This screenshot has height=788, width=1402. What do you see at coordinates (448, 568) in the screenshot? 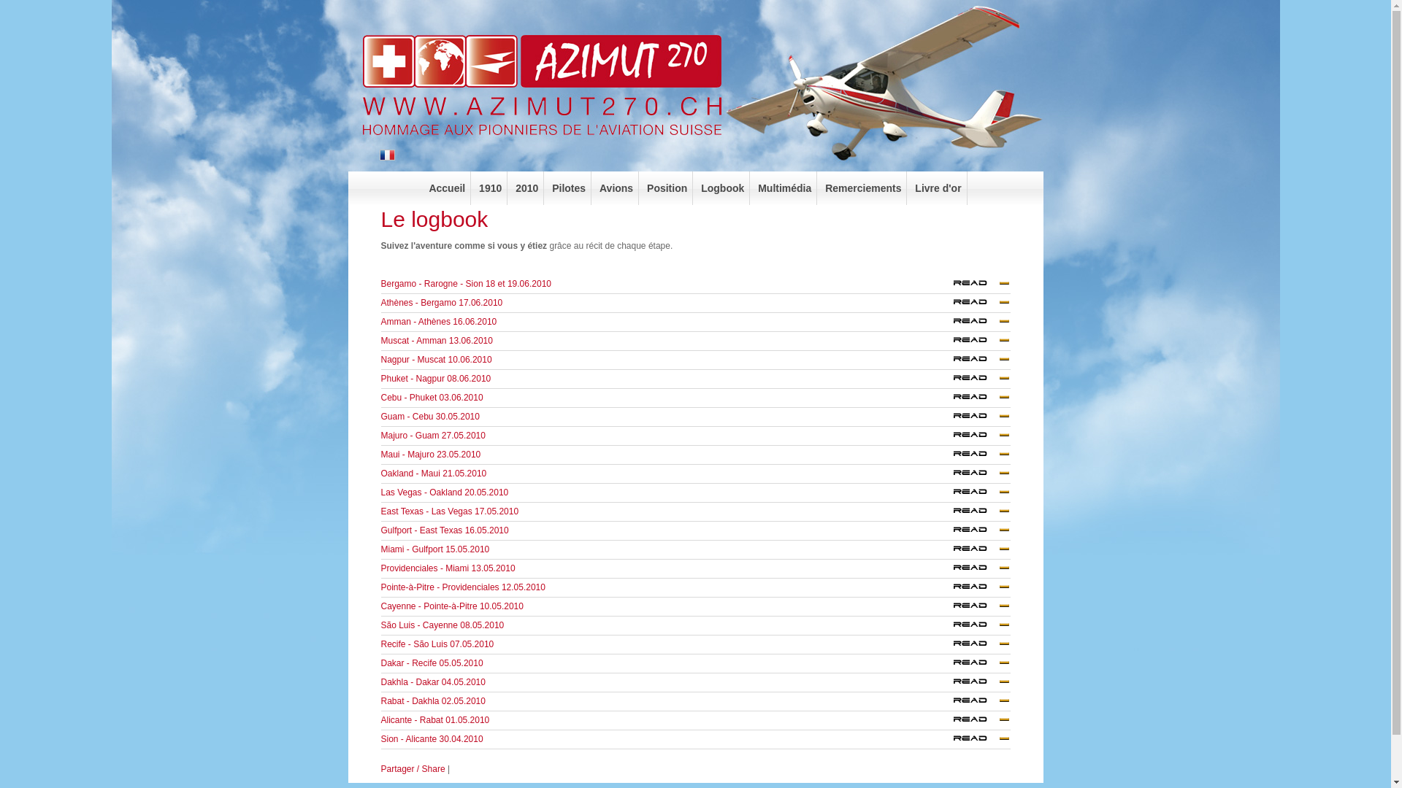
I see `'Providenciales - Miami 13.05.2010'` at bounding box center [448, 568].